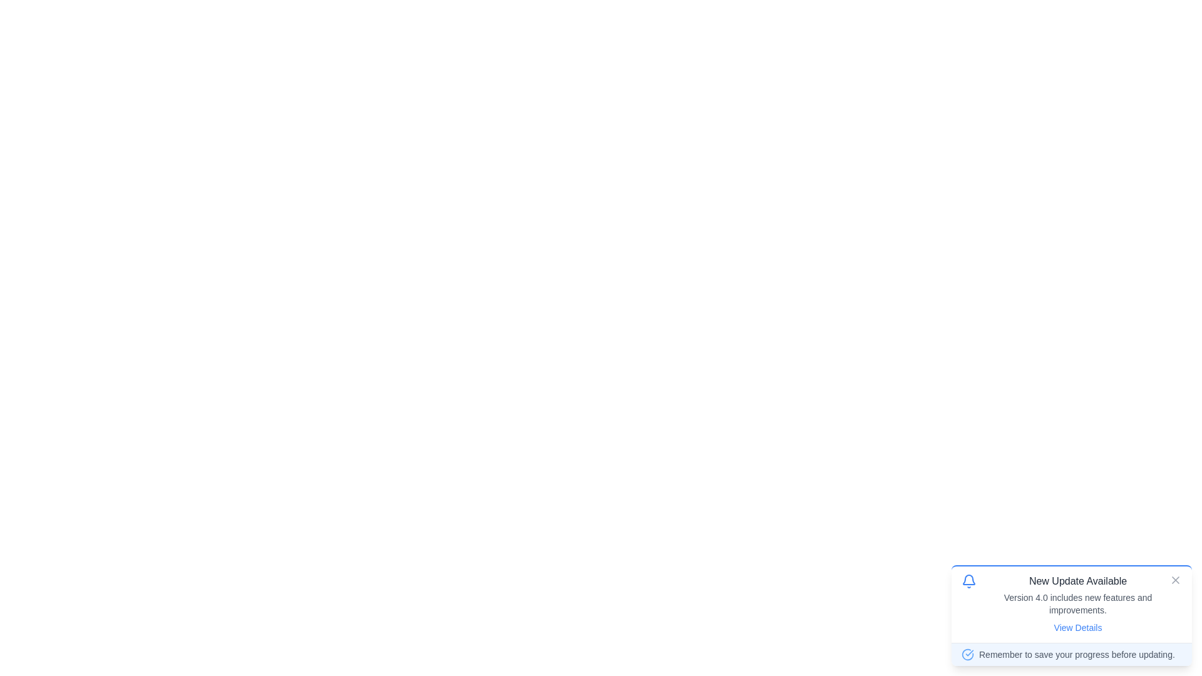  I want to click on the non-interactive Text label that serves as a header for a new update notification, which is positioned at the top of the notification box, so click(1077, 581).